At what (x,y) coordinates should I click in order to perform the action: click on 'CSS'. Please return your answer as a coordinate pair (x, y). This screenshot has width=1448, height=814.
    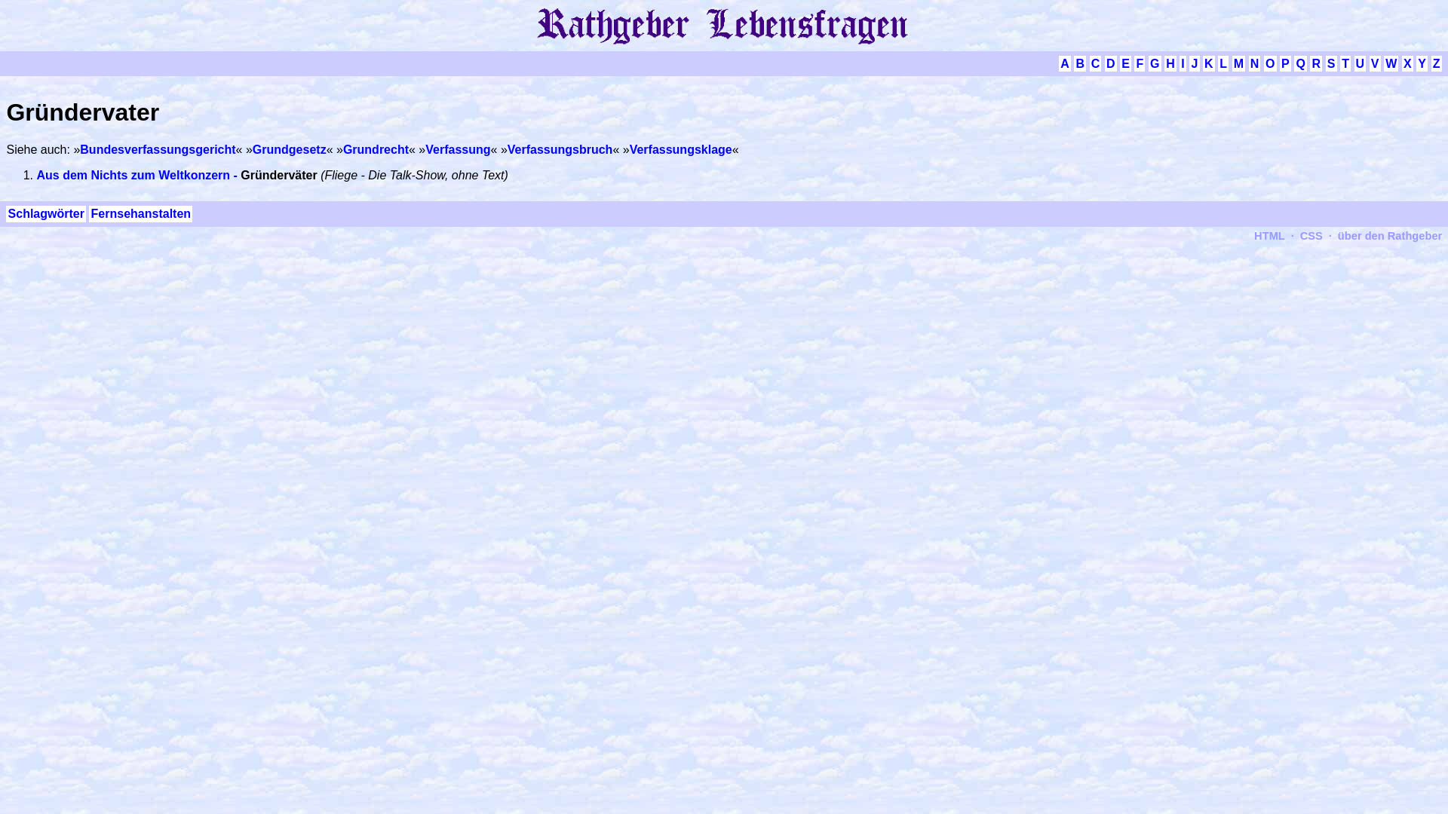
    Looking at the image, I should click on (1310, 235).